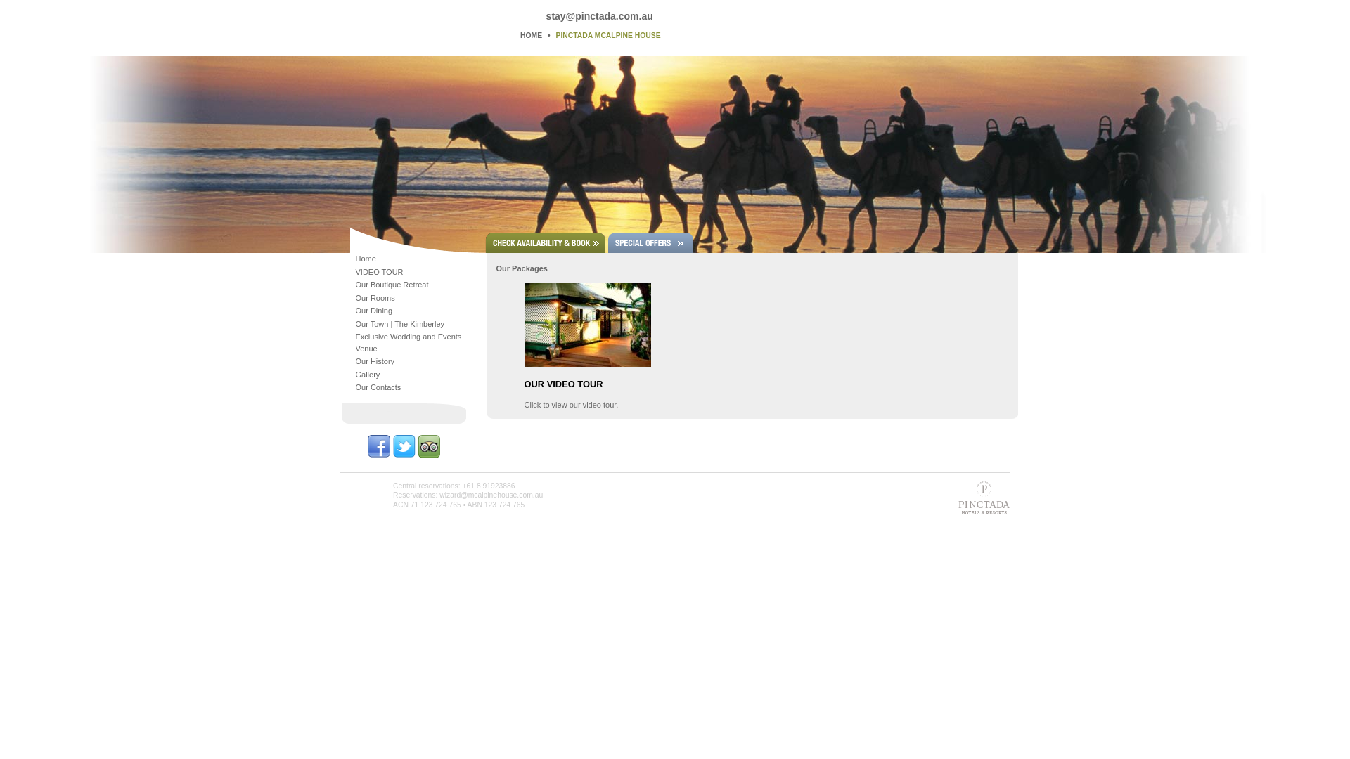 The width and height of the screenshot is (1350, 759). Describe the element at coordinates (491, 494) in the screenshot. I see `'wizard@mcalpinehouse.com.au'` at that location.